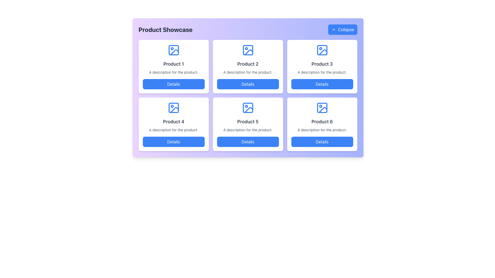  Describe the element at coordinates (174, 108) in the screenshot. I see `the blue outline icon depicting an image, which is centrally aligned within the top section of the card labeled 'Product 4'` at that location.